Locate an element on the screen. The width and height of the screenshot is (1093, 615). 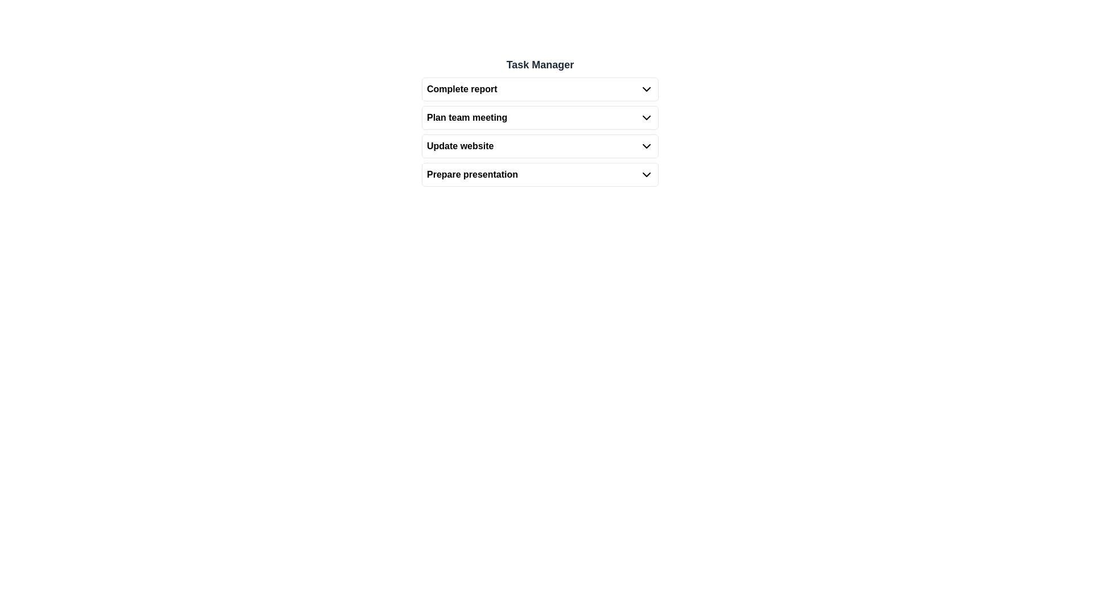
the fourth Button-like list item labeled 'Prepare presentation' in the Task Manager section is located at coordinates (540, 175).